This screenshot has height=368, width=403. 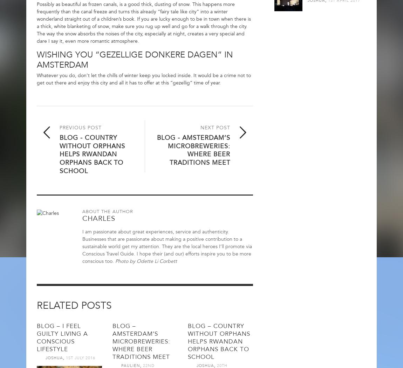 I want to click on 'Blog – Amsterdam’s microbreweries: where beer traditions meet', so click(x=141, y=341).